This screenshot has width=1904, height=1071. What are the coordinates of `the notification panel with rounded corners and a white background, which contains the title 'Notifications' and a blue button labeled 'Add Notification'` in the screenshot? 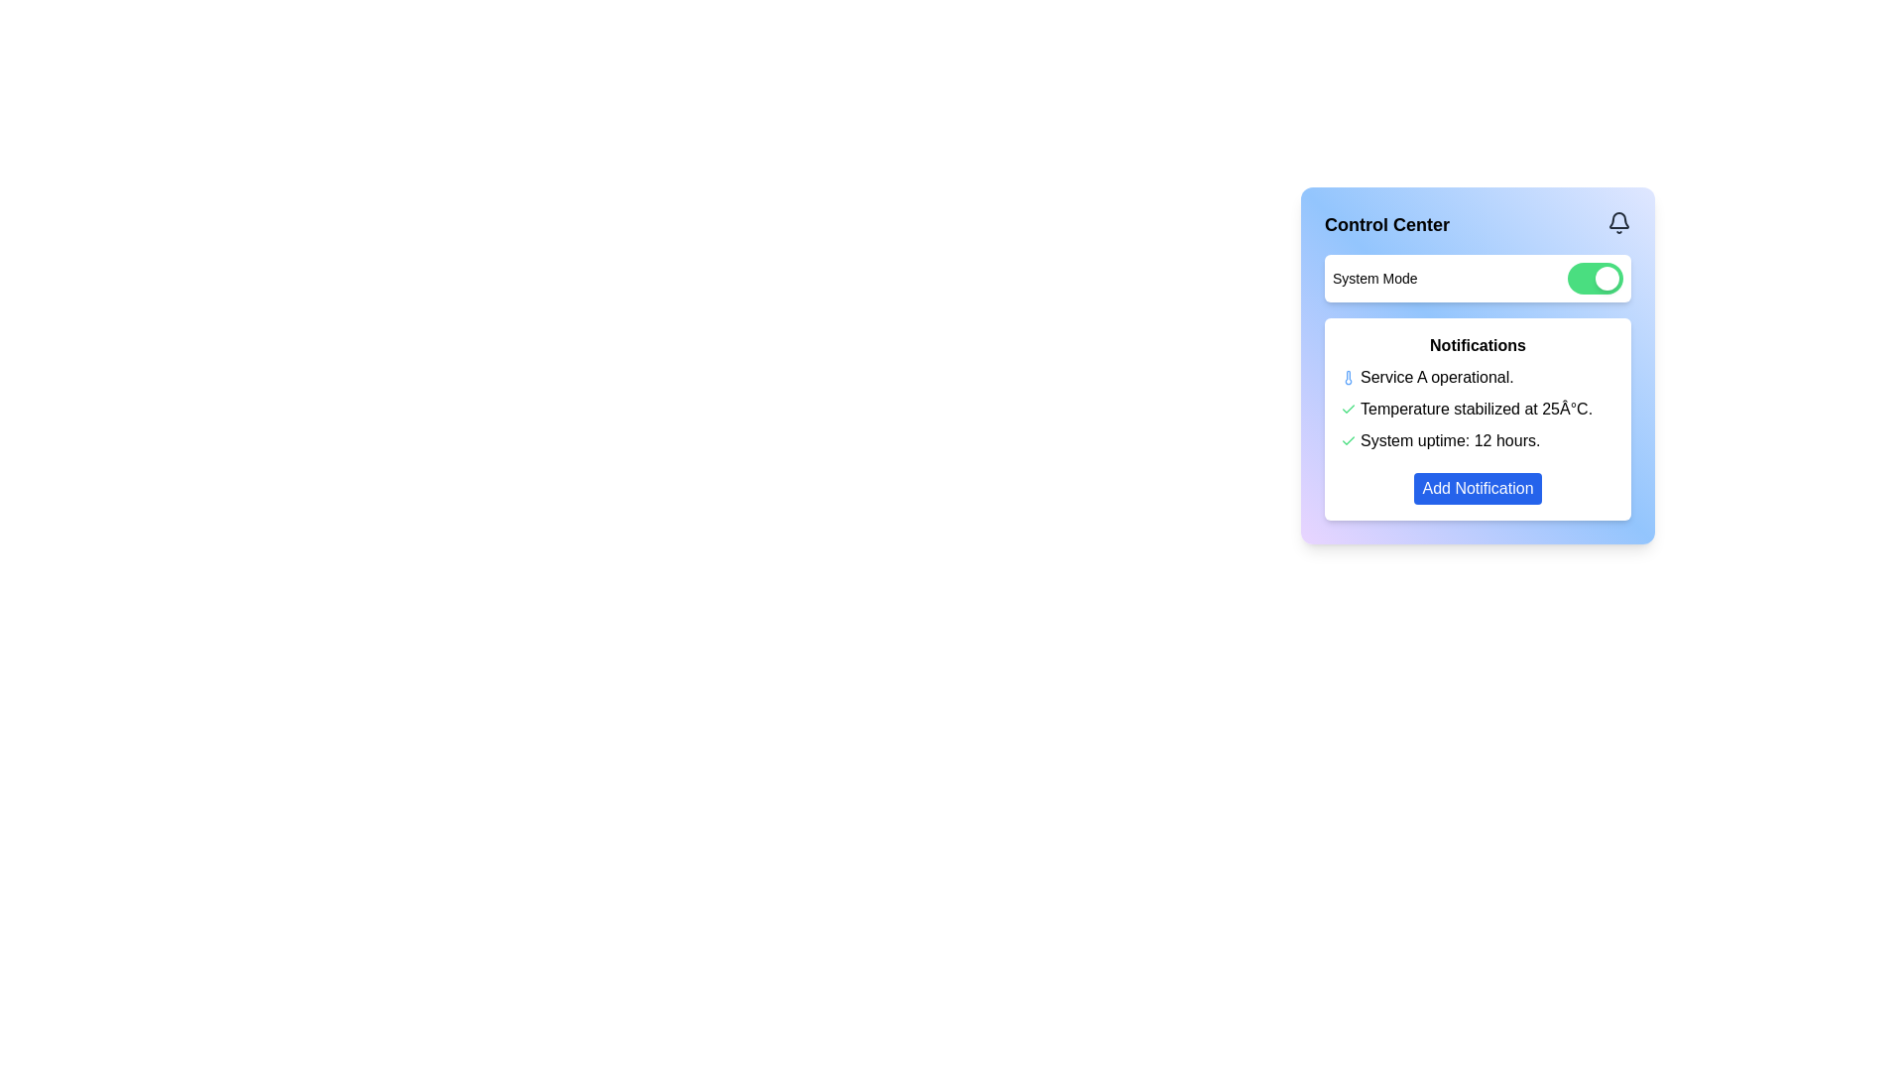 It's located at (1478, 418).